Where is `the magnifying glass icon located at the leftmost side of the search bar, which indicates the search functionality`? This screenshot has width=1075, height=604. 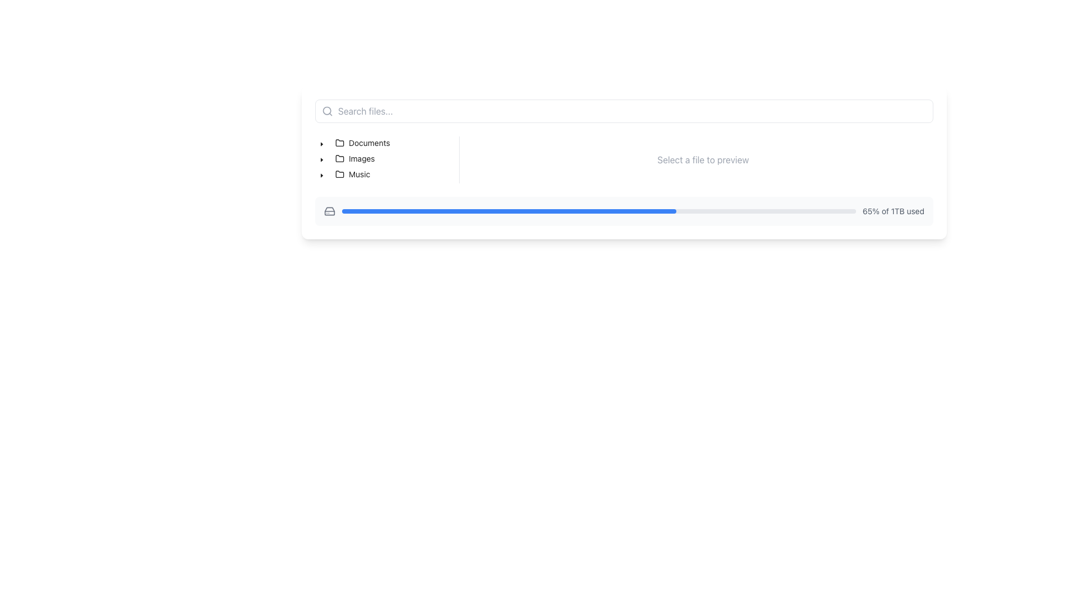
the magnifying glass icon located at the leftmost side of the search bar, which indicates the search functionality is located at coordinates (327, 111).